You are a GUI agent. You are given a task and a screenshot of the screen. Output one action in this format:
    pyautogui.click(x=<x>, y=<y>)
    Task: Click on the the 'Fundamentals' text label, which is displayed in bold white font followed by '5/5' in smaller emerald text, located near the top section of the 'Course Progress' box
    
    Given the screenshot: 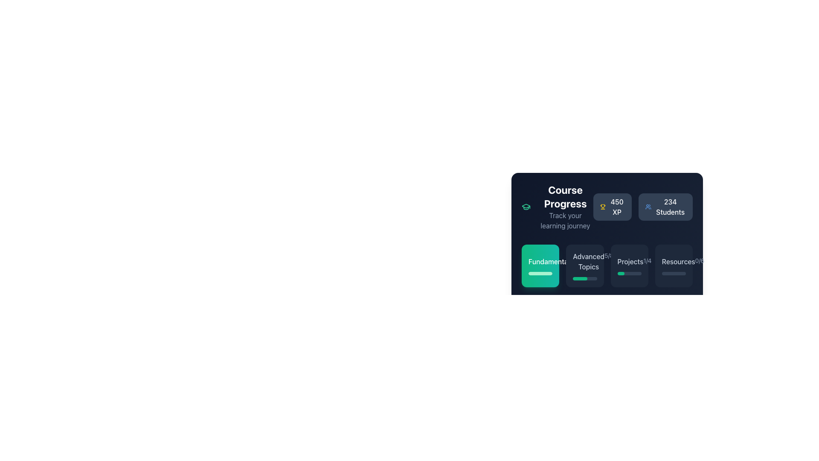 What is the action you would take?
    pyautogui.click(x=540, y=261)
    